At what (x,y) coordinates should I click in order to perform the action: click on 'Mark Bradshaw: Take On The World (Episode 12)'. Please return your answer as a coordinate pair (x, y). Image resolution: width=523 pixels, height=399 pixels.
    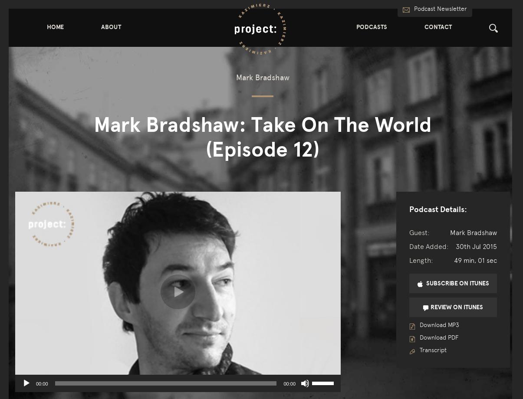
    Looking at the image, I should click on (262, 137).